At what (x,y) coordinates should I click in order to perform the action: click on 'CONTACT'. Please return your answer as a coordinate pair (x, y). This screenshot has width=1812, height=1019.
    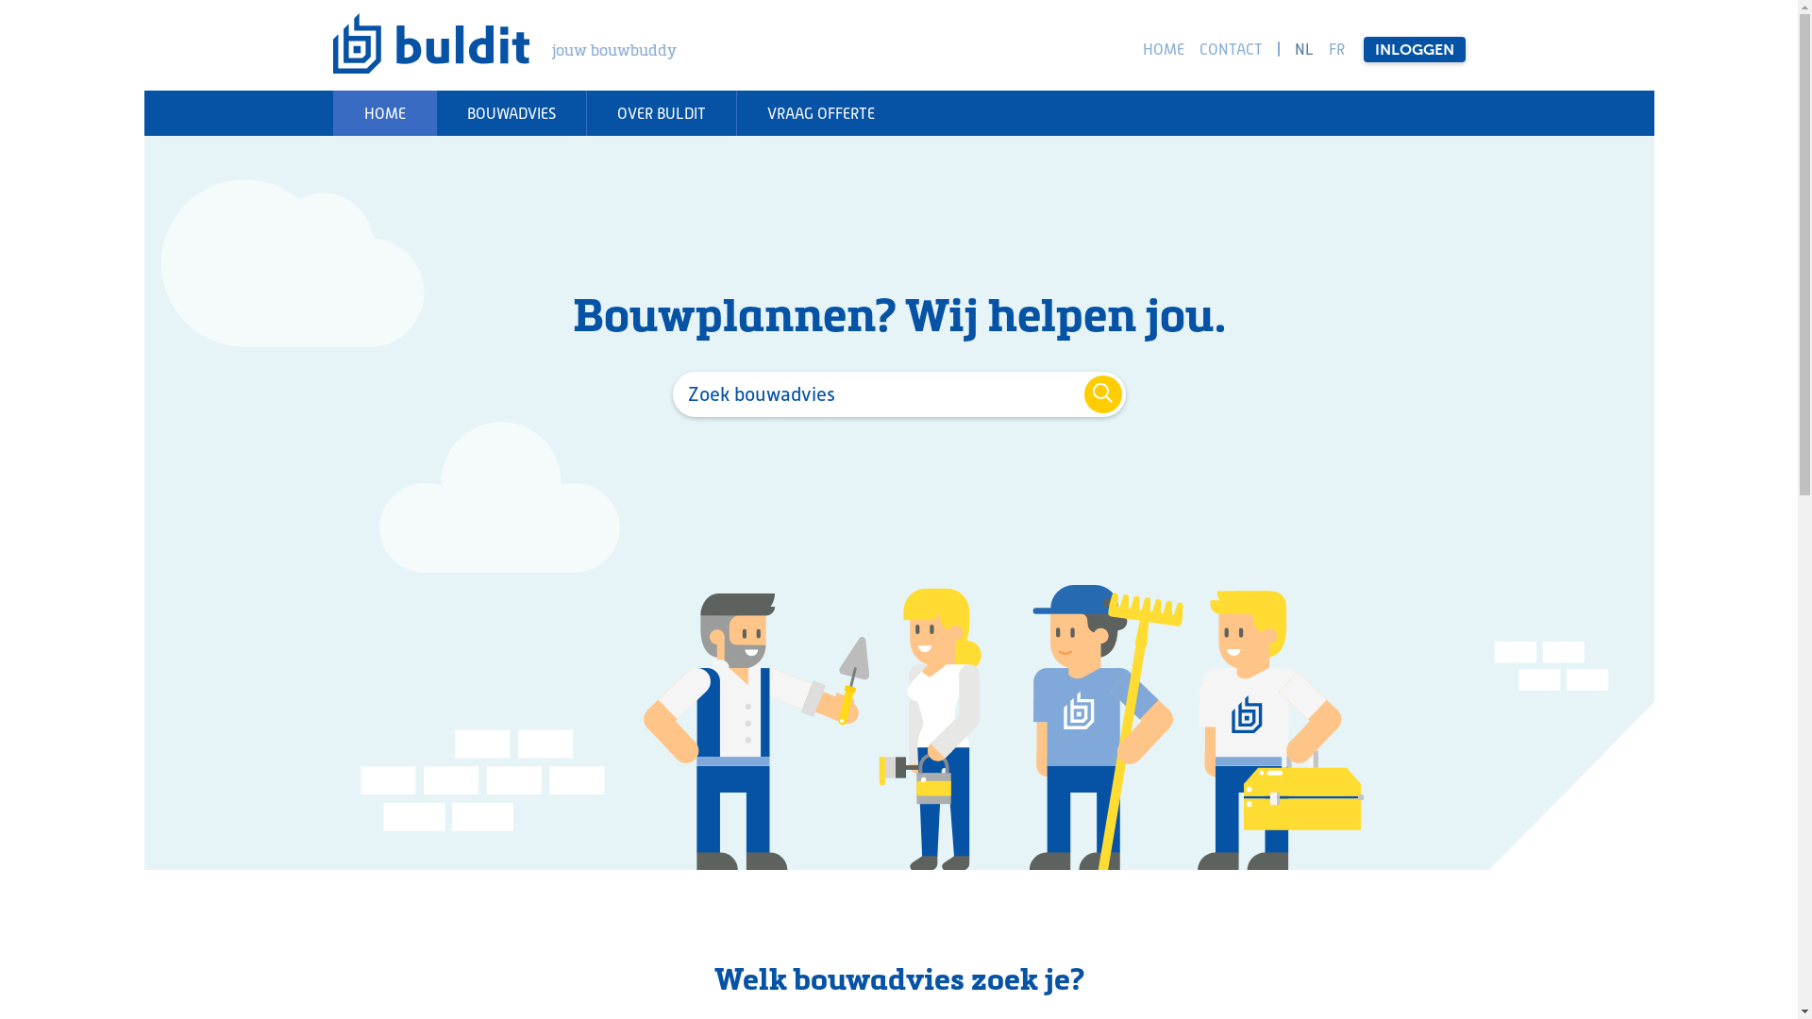
    Looking at the image, I should click on (1230, 47).